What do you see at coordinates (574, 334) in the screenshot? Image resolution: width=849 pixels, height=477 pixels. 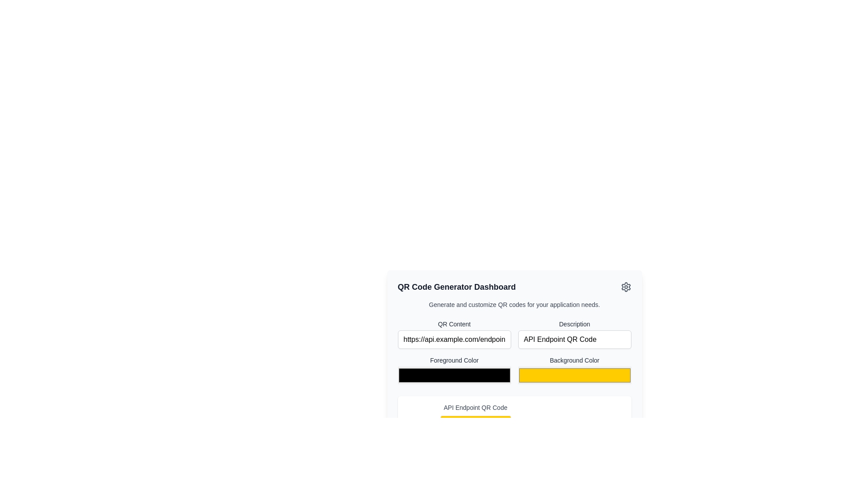 I see `the Text Input Field labeled 'API Endpoint QR Code' to focus on it` at bounding box center [574, 334].